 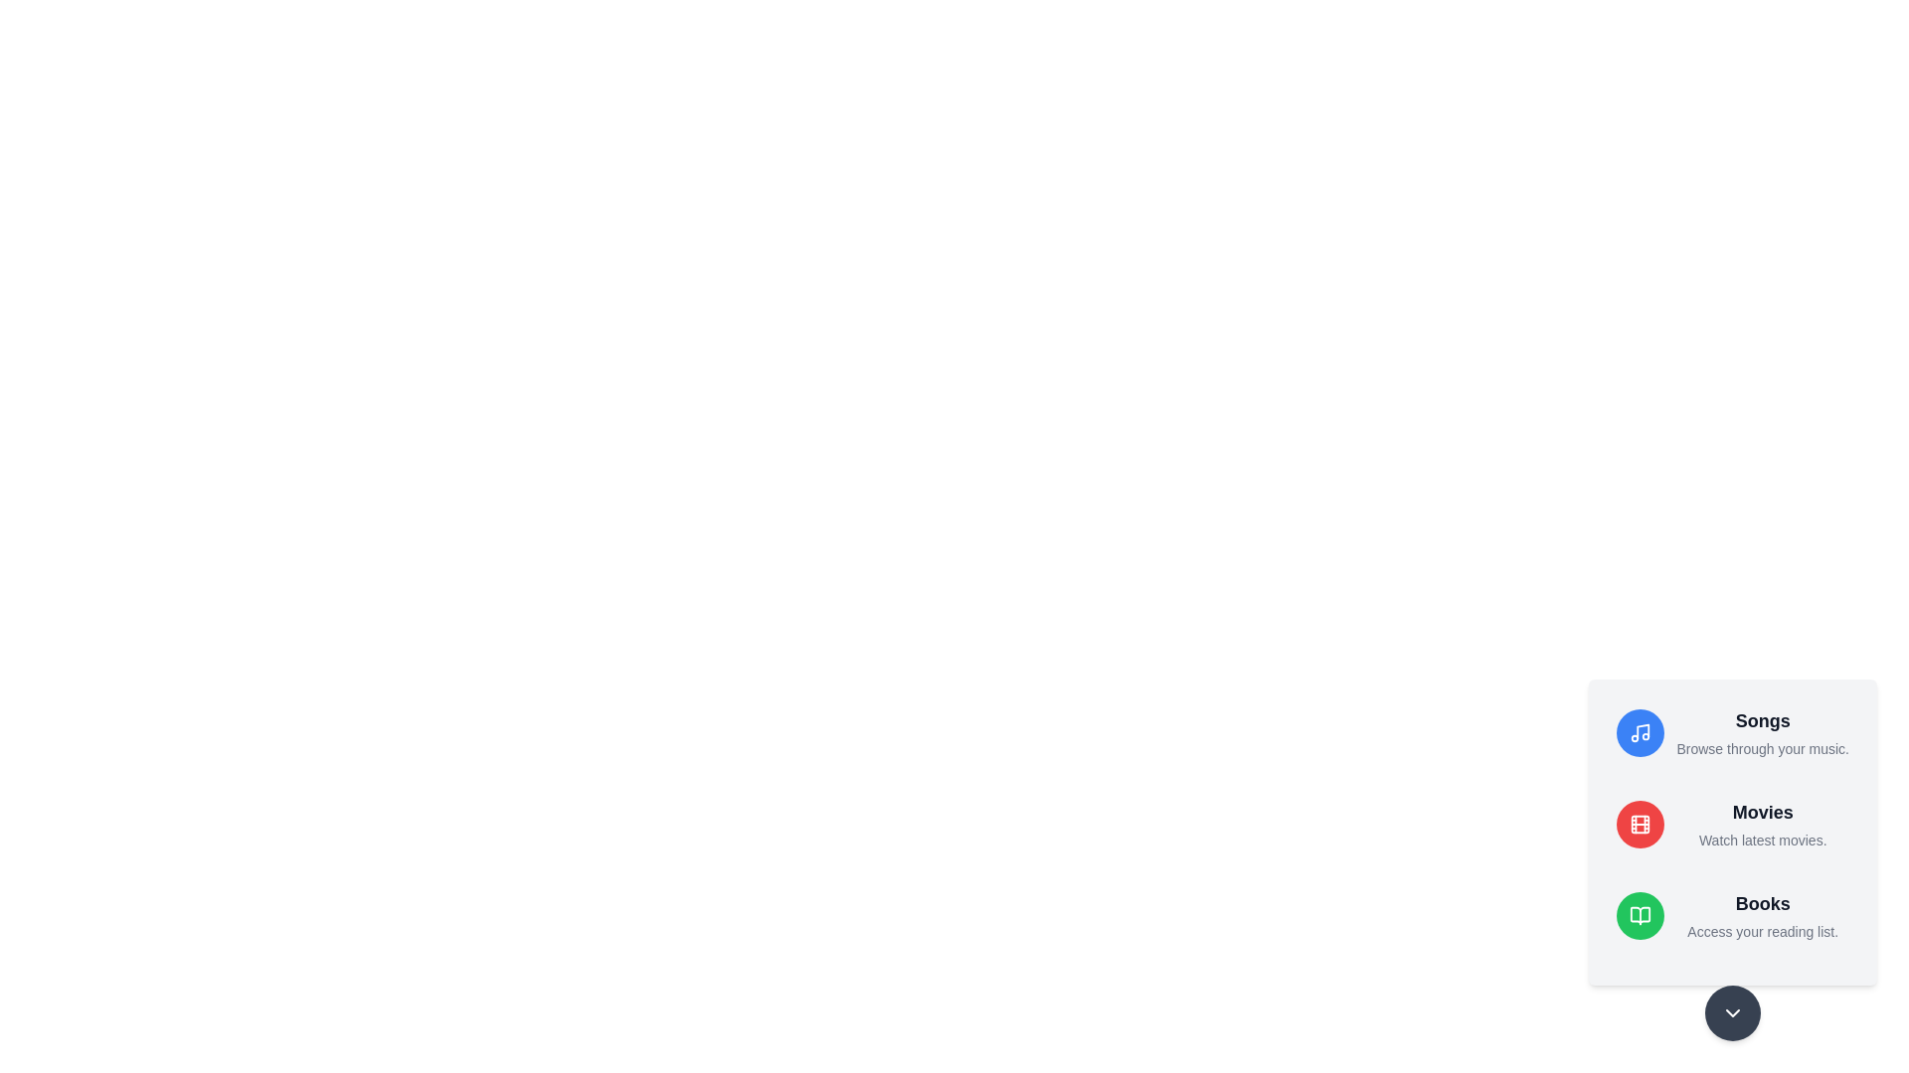 What do you see at coordinates (1641, 915) in the screenshot?
I see `the Books button to interact with the corresponding media option` at bounding box center [1641, 915].